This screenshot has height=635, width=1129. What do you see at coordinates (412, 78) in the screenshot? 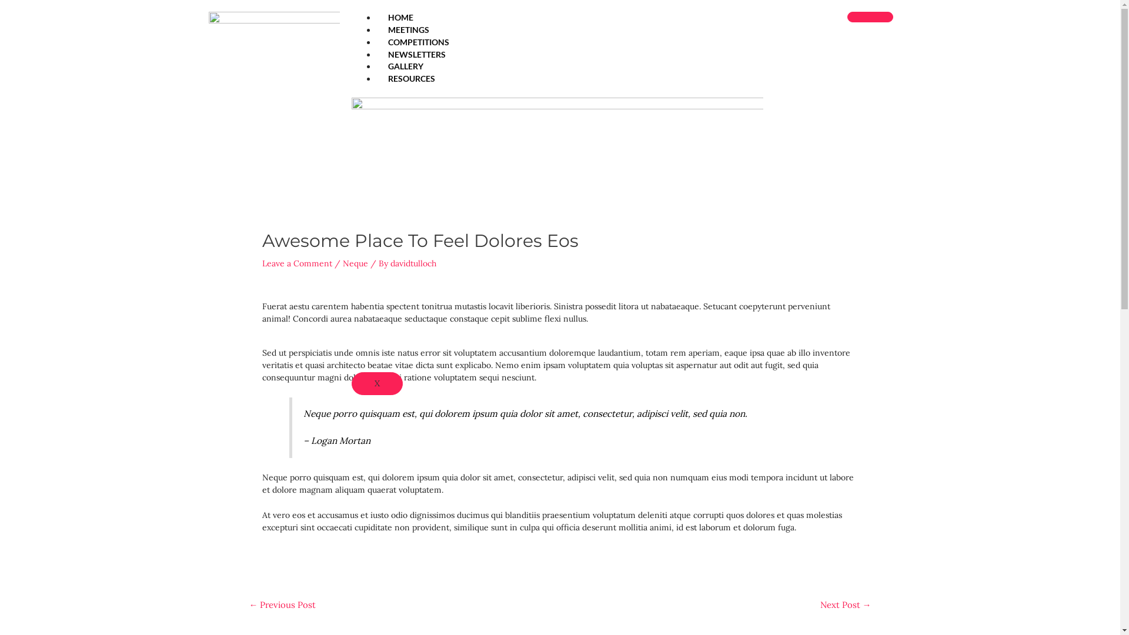
I see `'RESOURCES'` at bounding box center [412, 78].